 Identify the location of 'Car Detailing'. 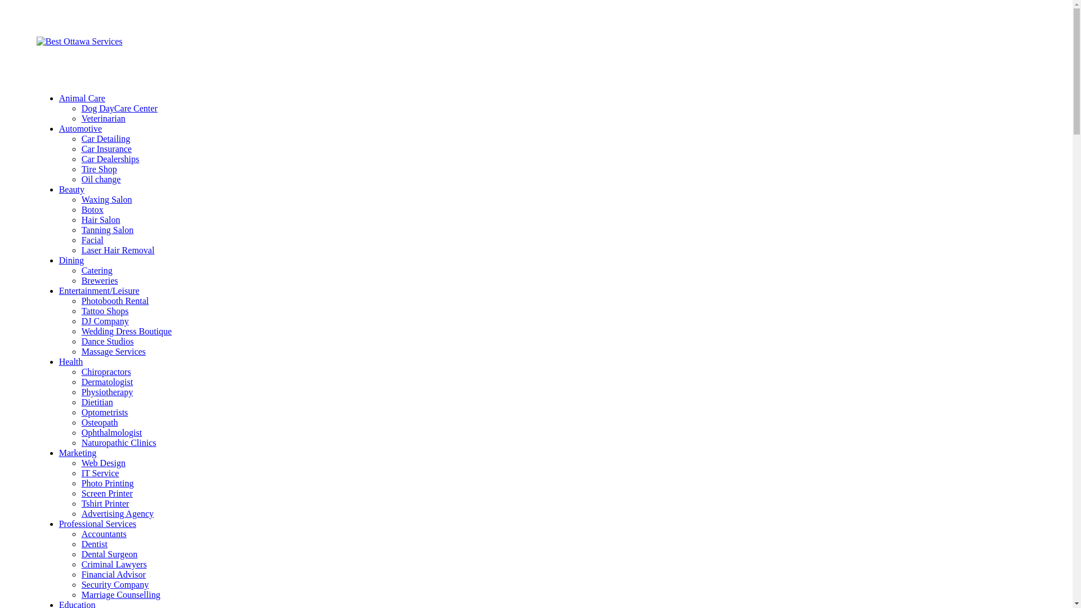
(106, 138).